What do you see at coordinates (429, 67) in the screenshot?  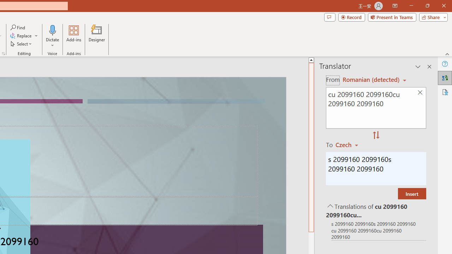 I see `'Close pane'` at bounding box center [429, 67].